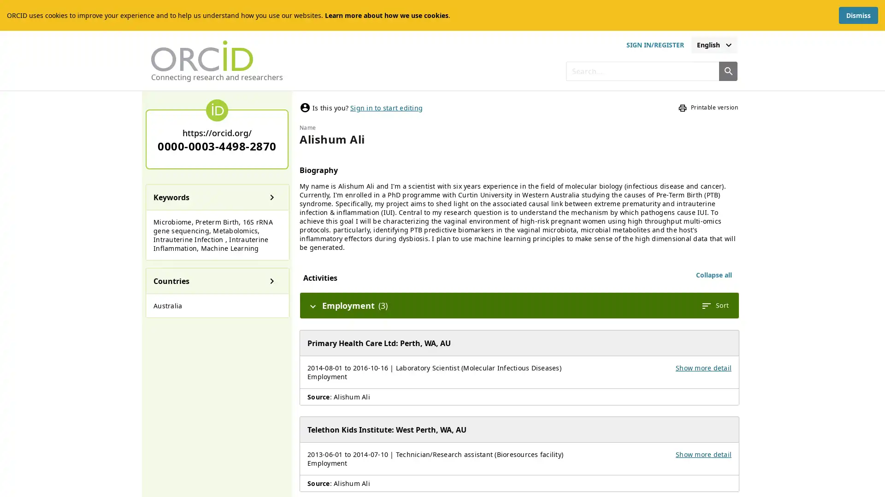 The width and height of the screenshot is (885, 497). I want to click on Collapse all, so click(714, 274).